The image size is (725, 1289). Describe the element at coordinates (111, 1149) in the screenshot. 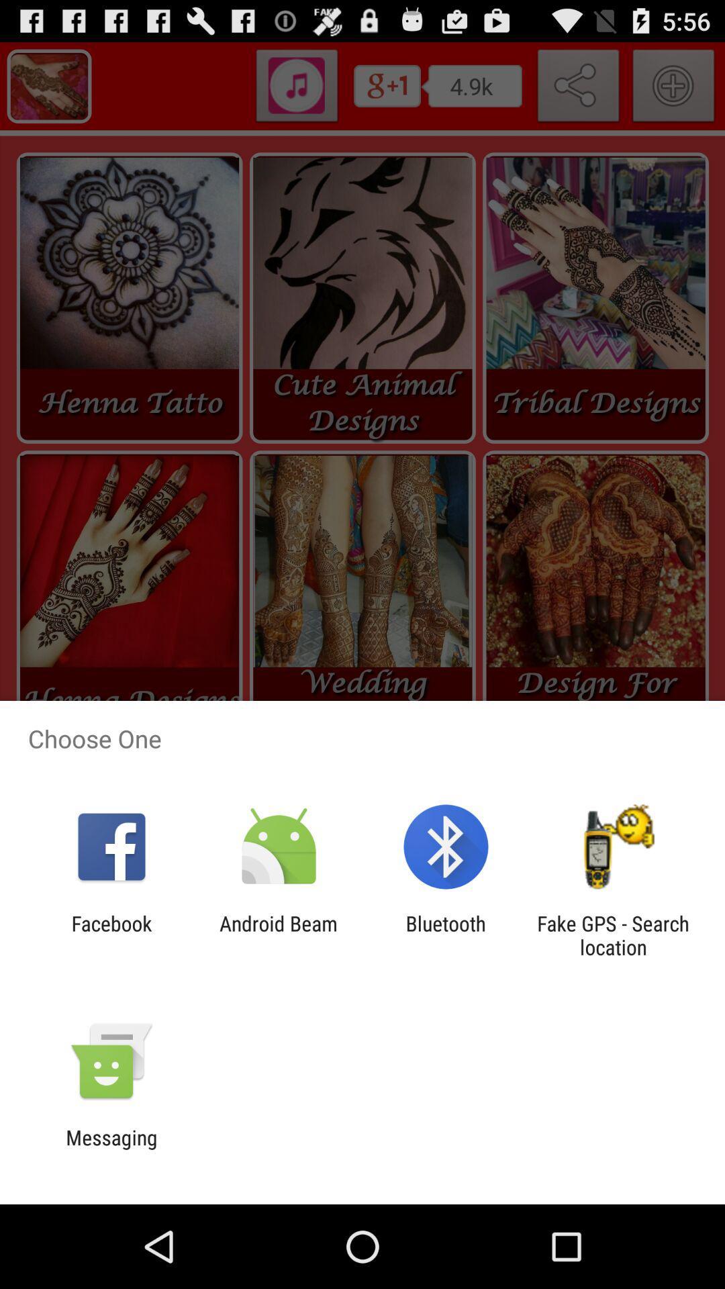

I see `the messaging app` at that location.